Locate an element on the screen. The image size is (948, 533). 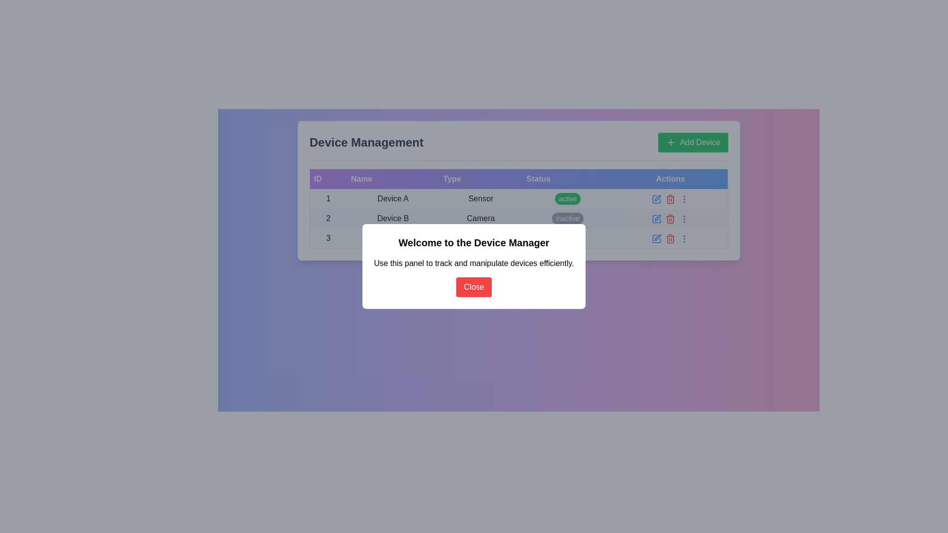
SVG icon located in the top-right corner of the 'Add Device' button, which symbolizes the addition functionality is located at coordinates (671, 143).